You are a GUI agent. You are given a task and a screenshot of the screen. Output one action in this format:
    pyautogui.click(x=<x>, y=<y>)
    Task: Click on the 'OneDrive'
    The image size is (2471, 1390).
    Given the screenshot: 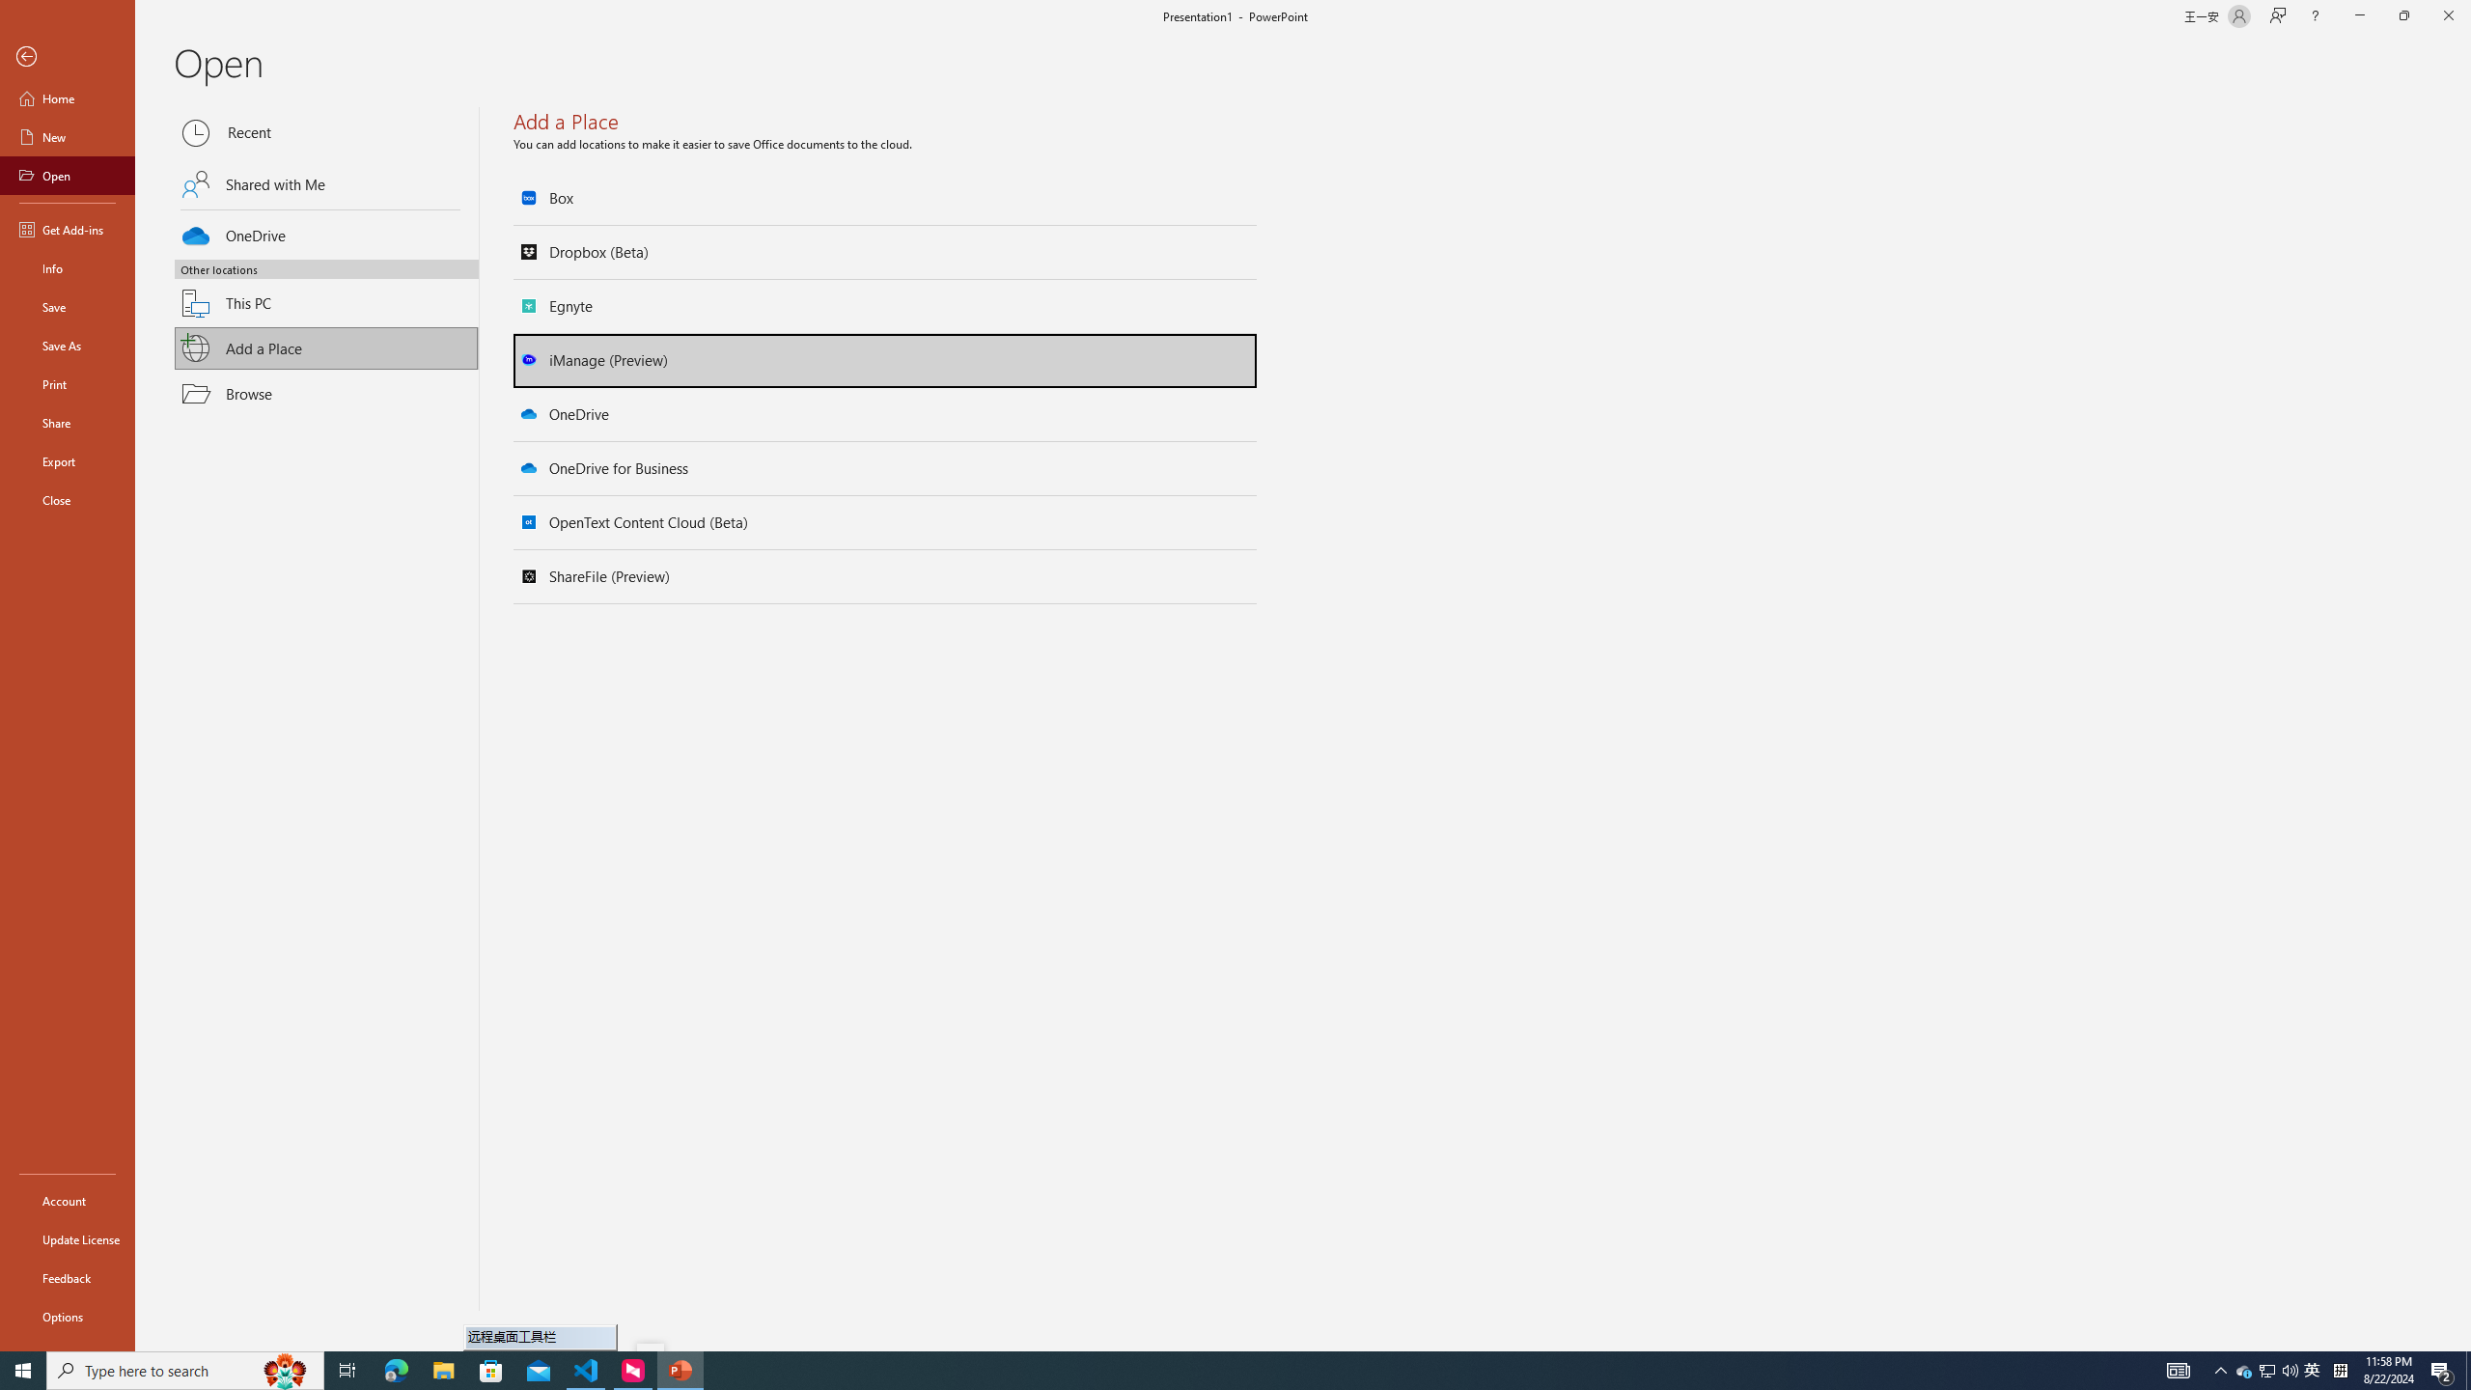 What is the action you would take?
    pyautogui.click(x=326, y=233)
    